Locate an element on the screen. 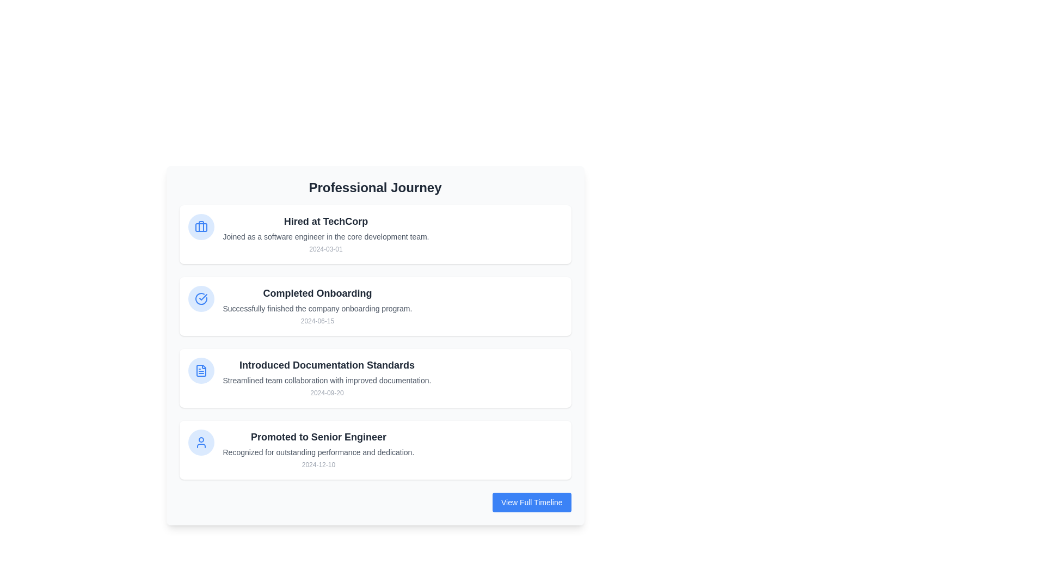 The width and height of the screenshot is (1045, 588). the 'Hired at TechCorp' card in the 'Professional Journey' section to allow for dynamic changes is located at coordinates (375, 234).